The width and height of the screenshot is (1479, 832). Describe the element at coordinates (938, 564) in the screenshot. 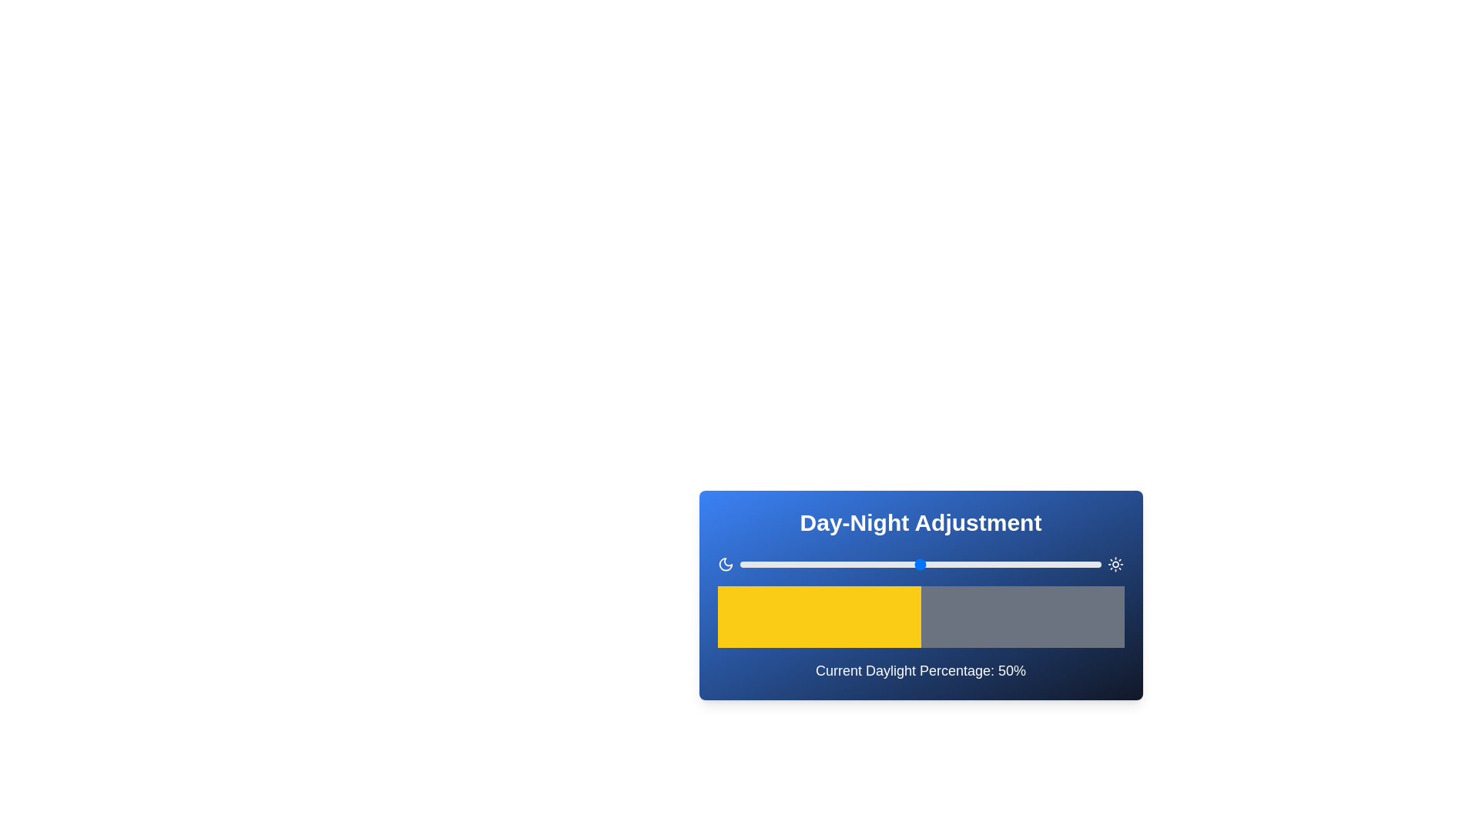

I see `the daylight percentage slider to 55%` at that location.